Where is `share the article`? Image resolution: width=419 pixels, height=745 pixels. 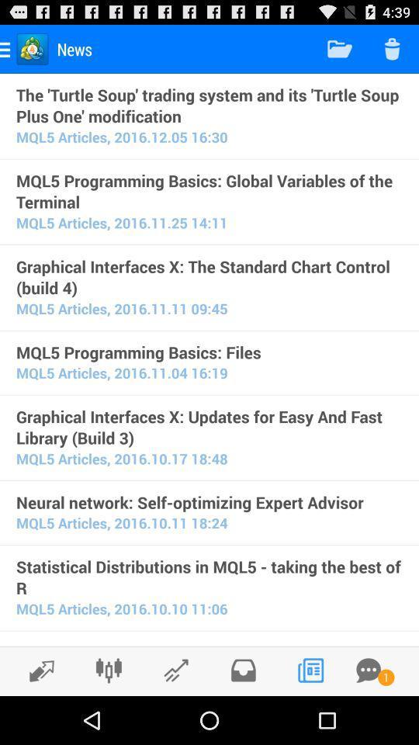
share the article is located at coordinates (243, 670).